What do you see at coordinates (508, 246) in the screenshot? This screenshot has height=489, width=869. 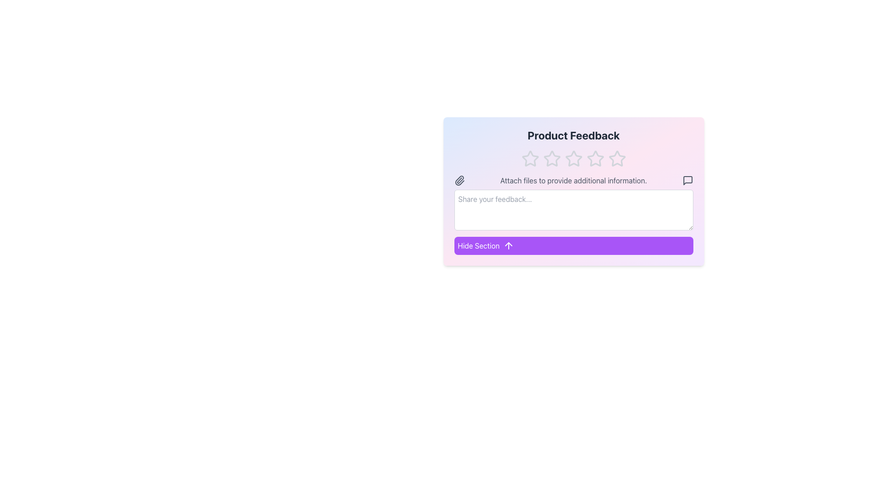 I see `the collapse icon next to the 'Hide Section' label` at bounding box center [508, 246].